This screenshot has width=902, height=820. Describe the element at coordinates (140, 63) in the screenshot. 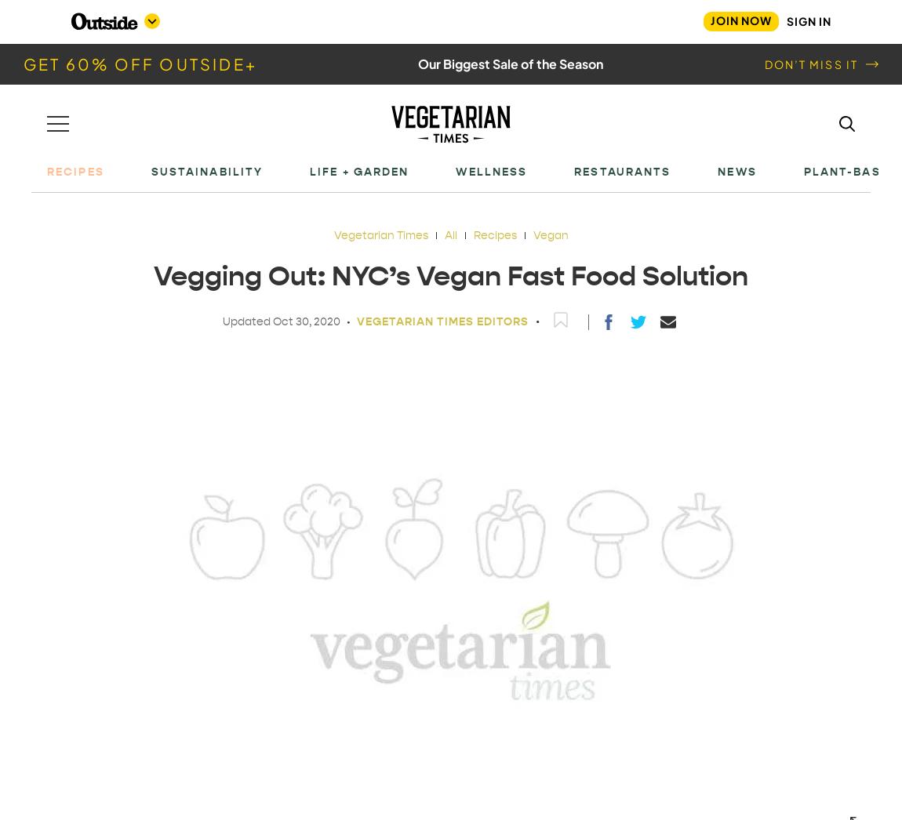

I see `'GET 60% OFF OUTSIDE+'` at that location.